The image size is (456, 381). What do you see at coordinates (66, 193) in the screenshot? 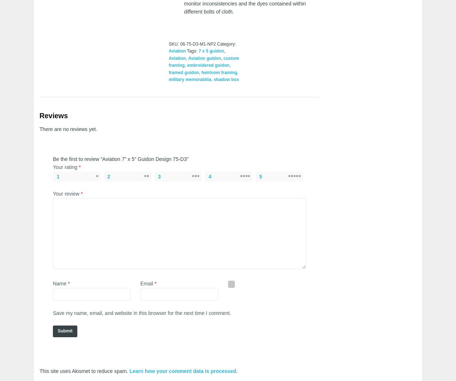
I see `'Your review'` at bounding box center [66, 193].